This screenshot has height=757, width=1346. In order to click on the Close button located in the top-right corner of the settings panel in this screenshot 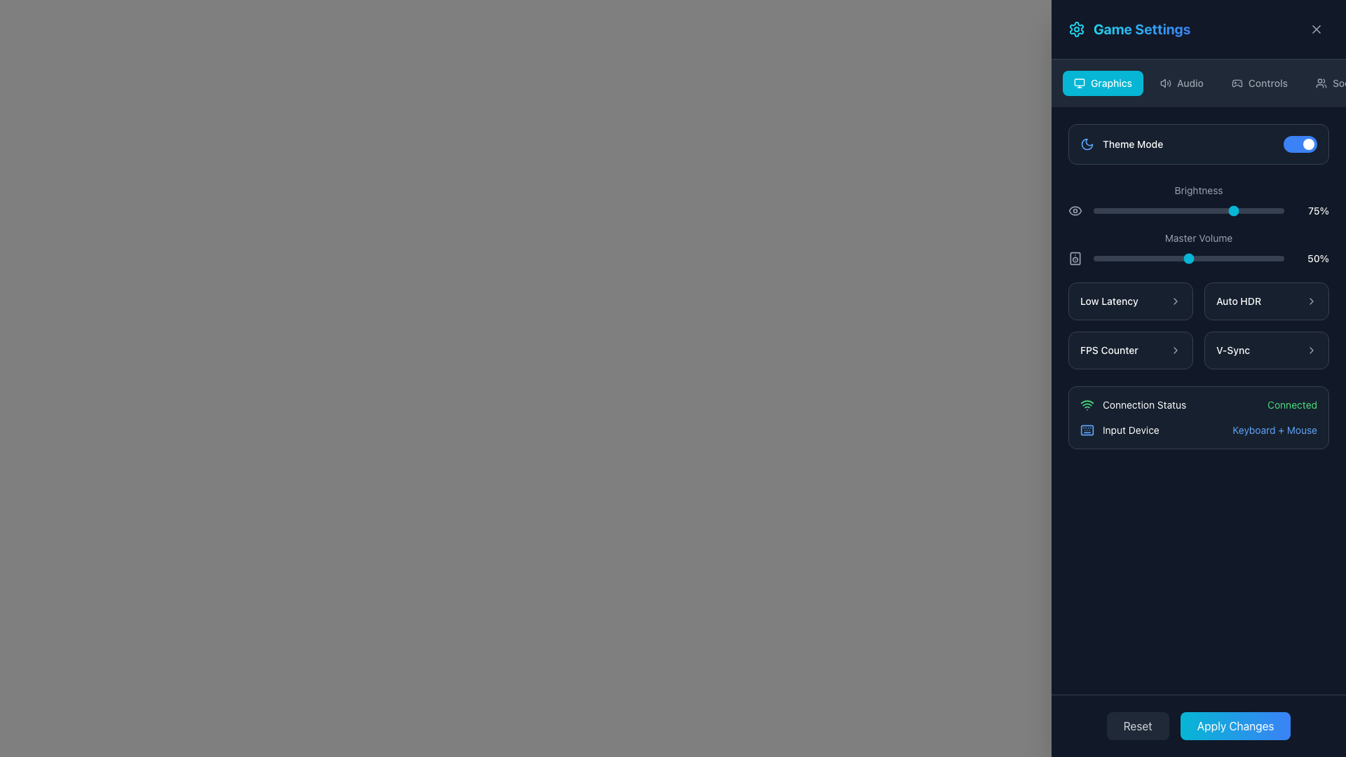, I will do `click(1315, 29)`.